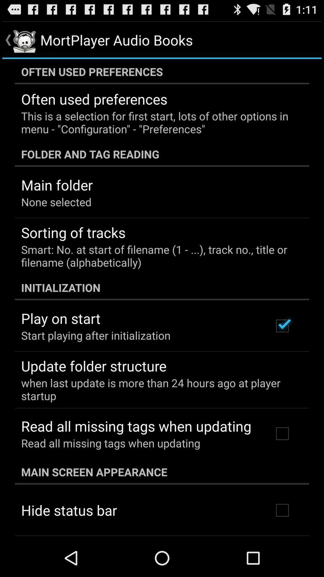  Describe the element at coordinates (61, 318) in the screenshot. I see `the app above the start playing after item` at that location.